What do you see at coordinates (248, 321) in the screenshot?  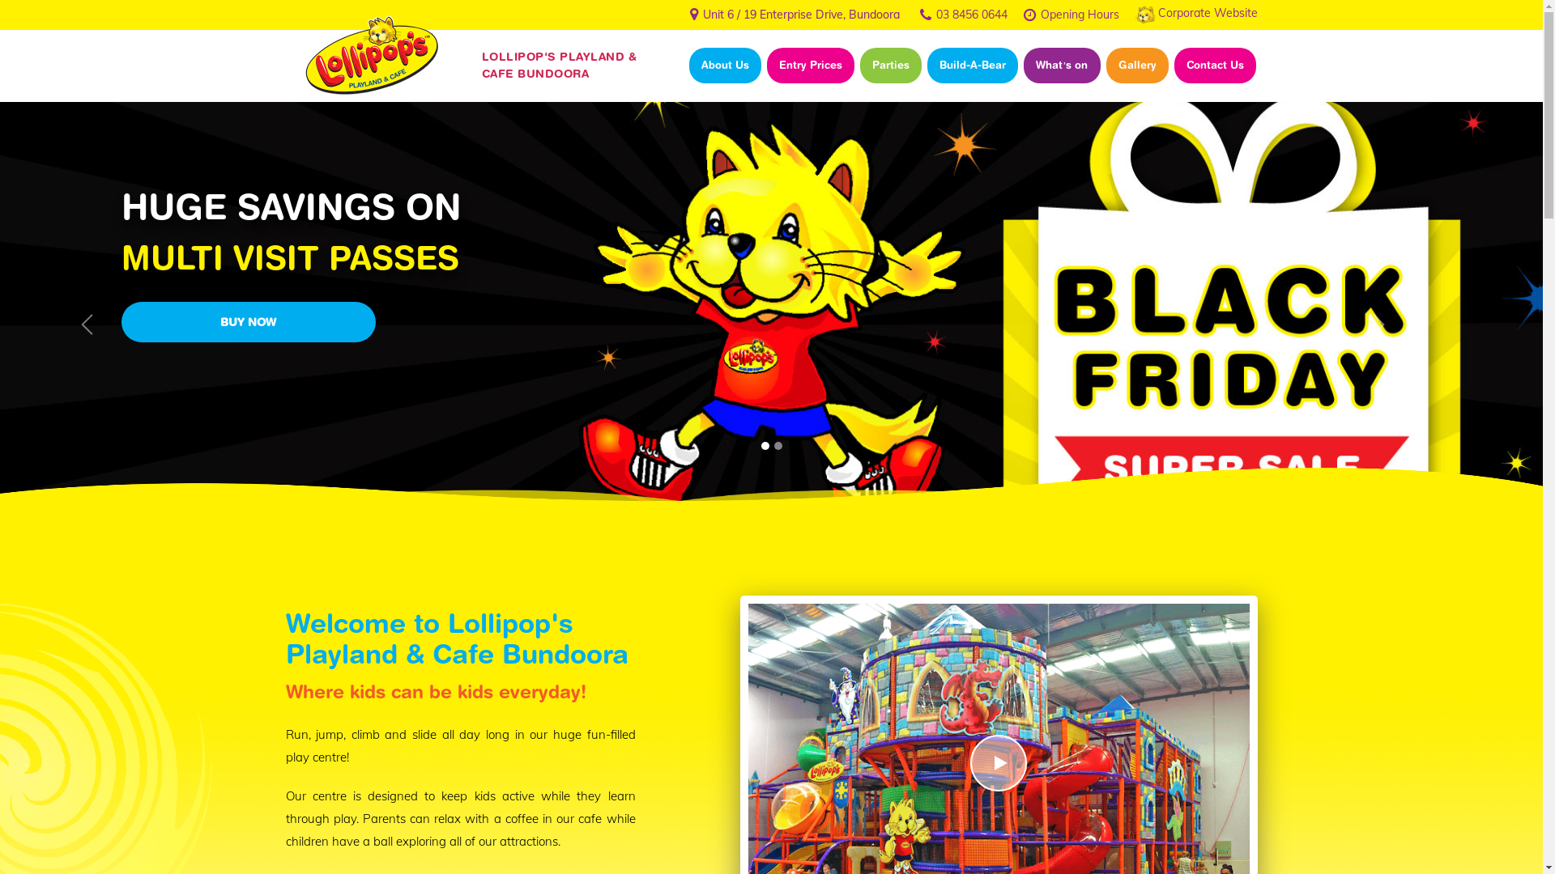 I see `'BUY NOW'` at bounding box center [248, 321].